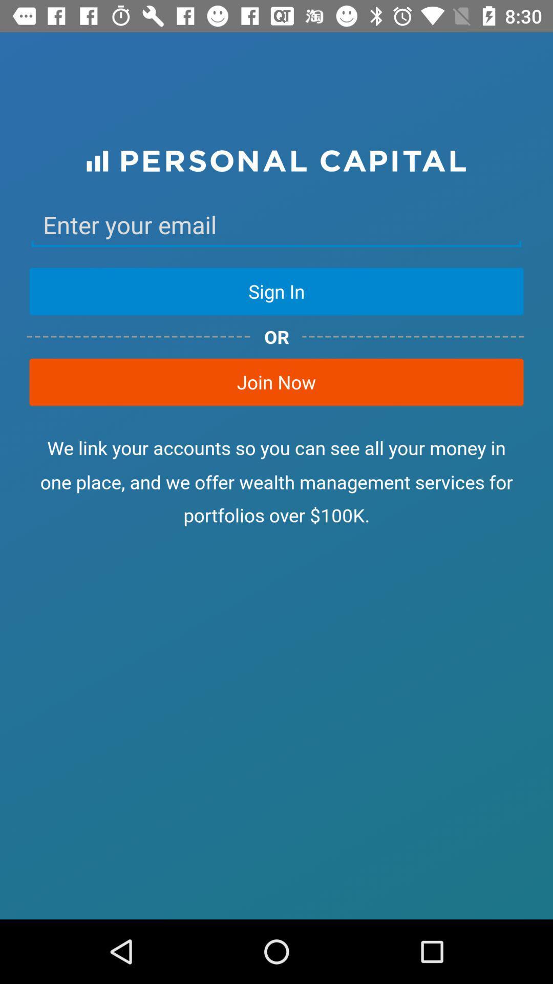  Describe the element at coordinates (276, 381) in the screenshot. I see `item above the we link your` at that location.